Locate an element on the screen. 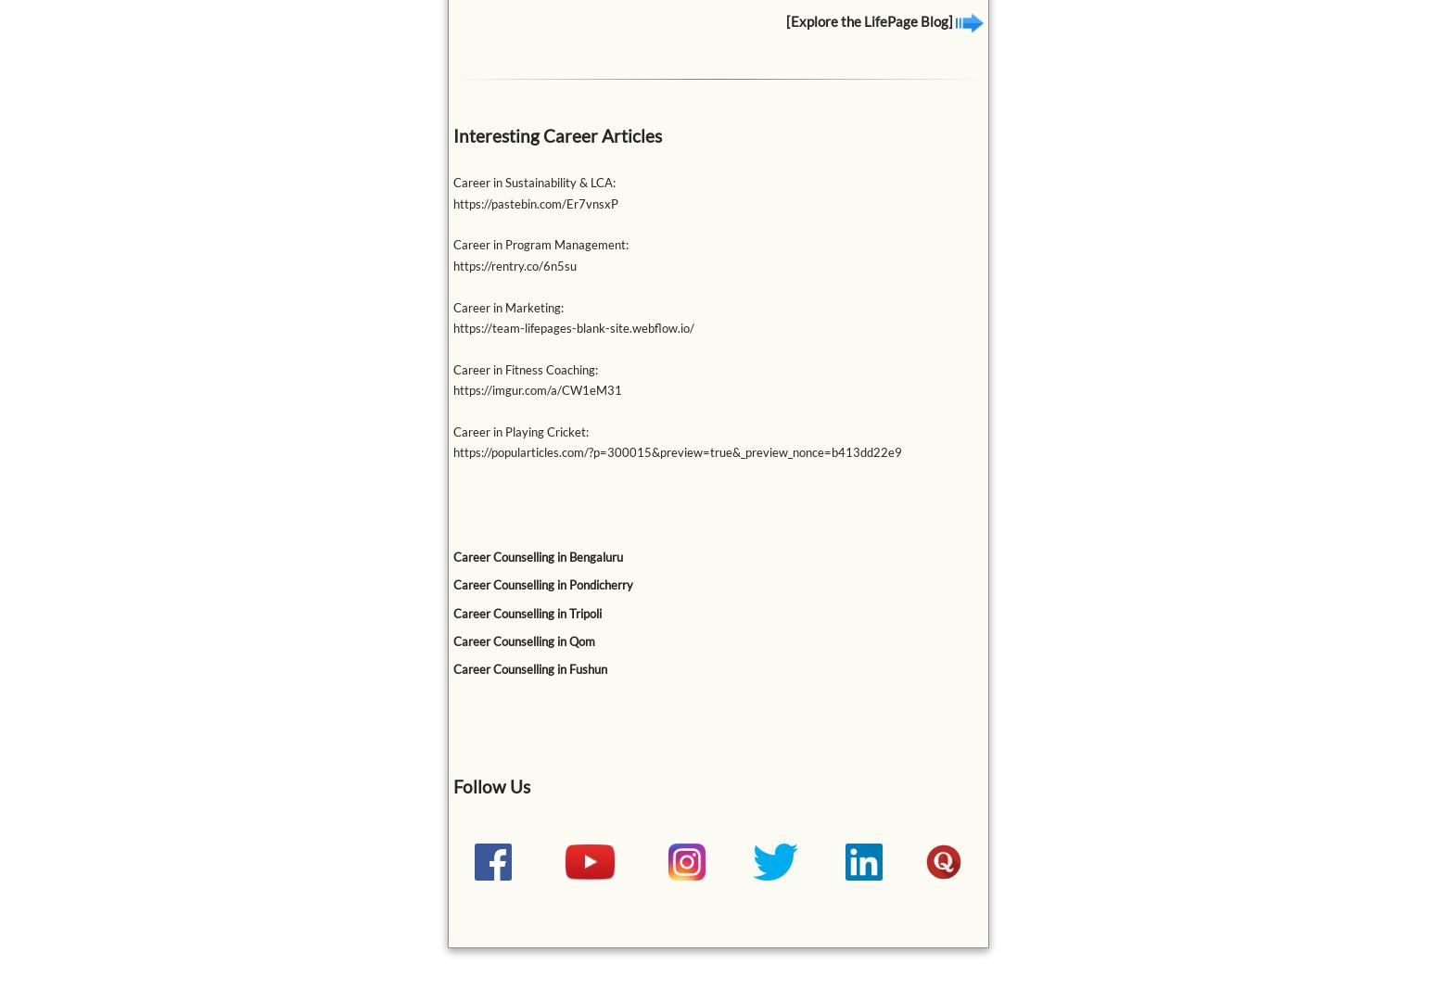 The image size is (1437, 990). 'Follow Us' is located at coordinates (451, 784).